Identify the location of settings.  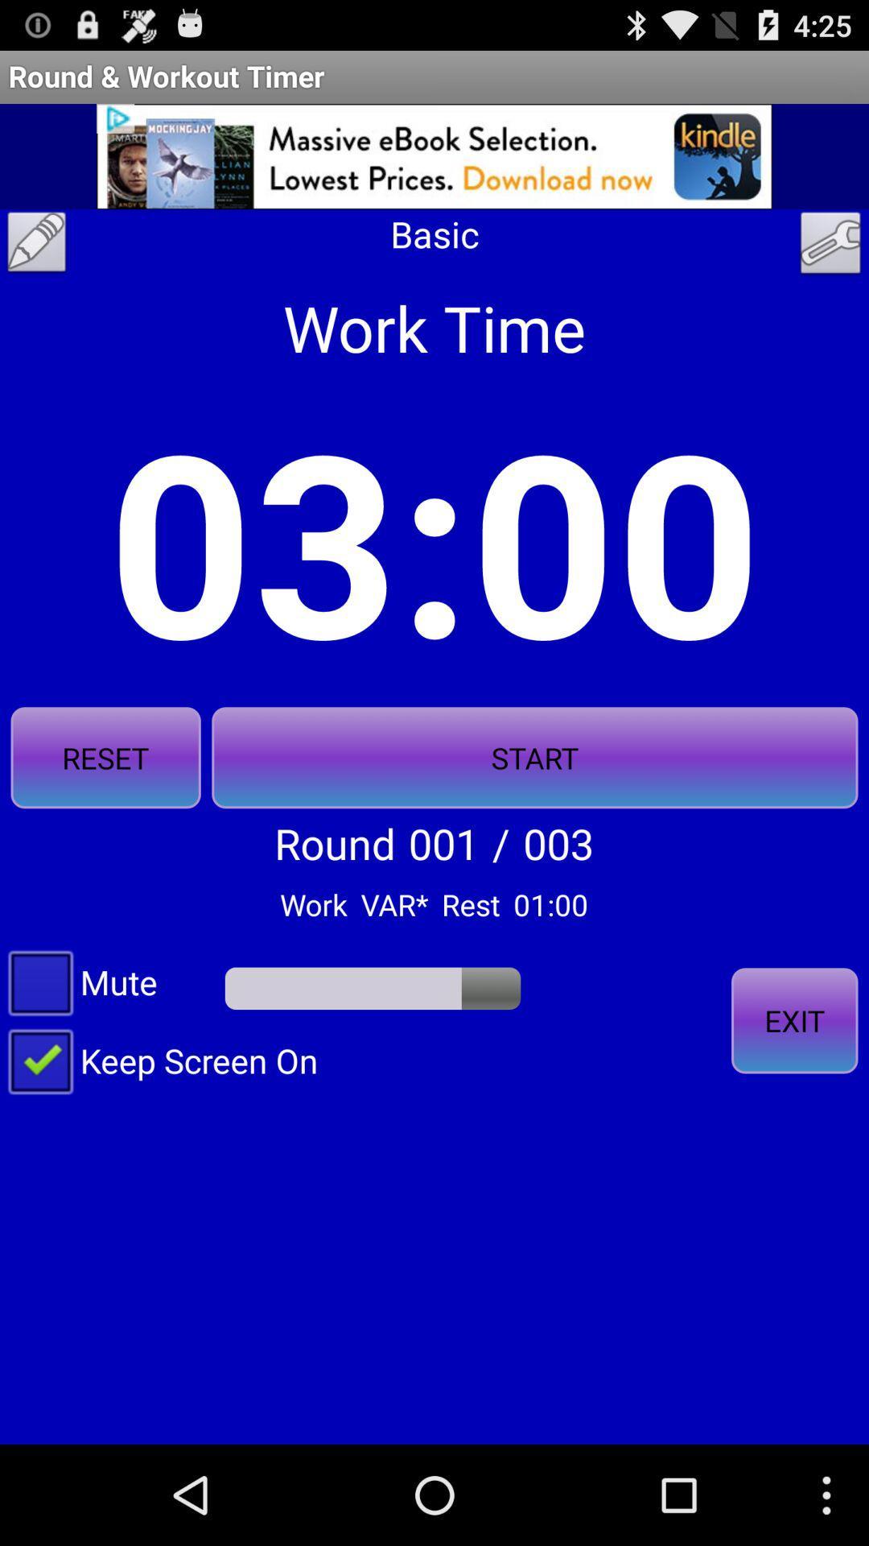
(830, 246).